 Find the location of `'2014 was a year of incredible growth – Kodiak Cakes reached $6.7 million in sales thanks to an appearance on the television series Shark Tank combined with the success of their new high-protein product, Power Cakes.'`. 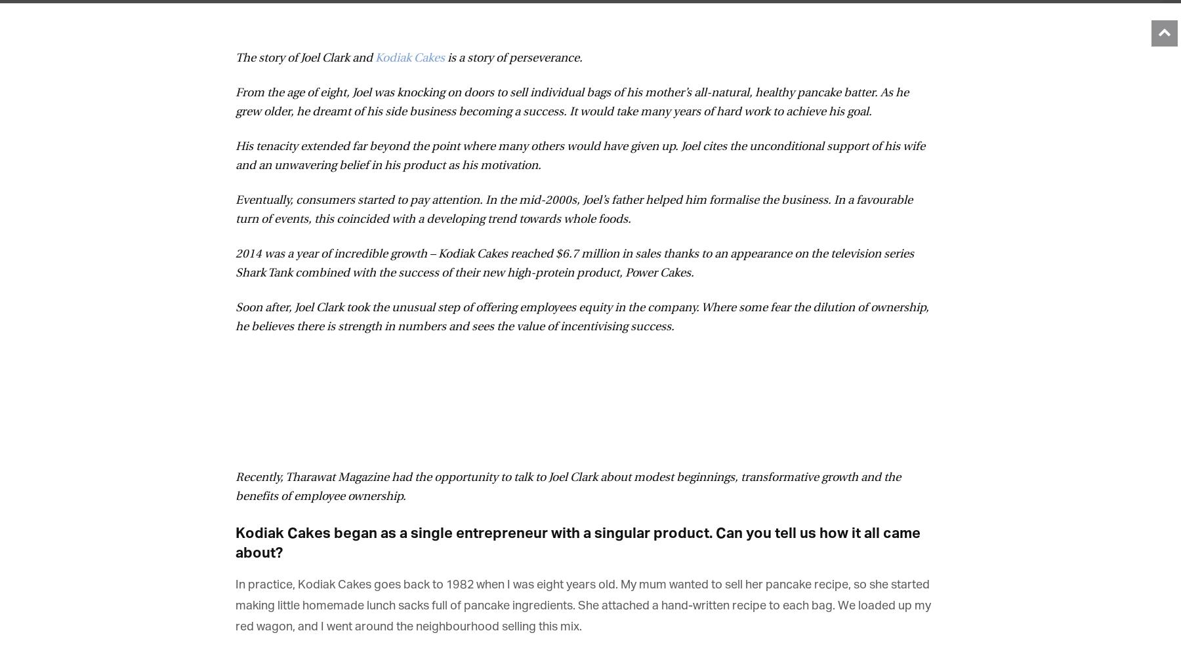

'2014 was a year of incredible growth – Kodiak Cakes reached $6.7 million in sales thanks to an appearance on the television series Shark Tank combined with the success of their new high-protein product, Power Cakes.' is located at coordinates (573, 263).